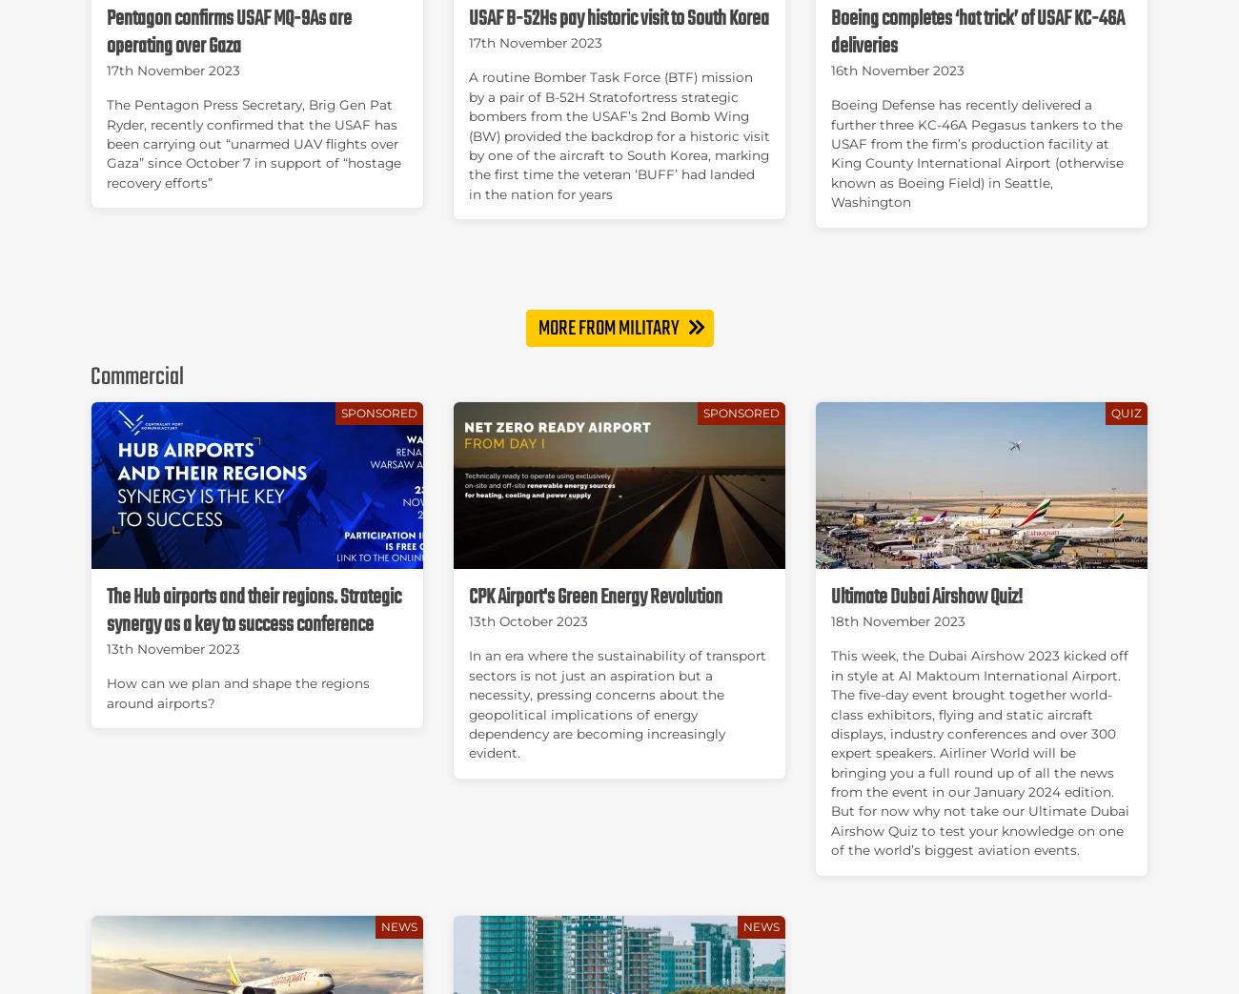  What do you see at coordinates (595, 597) in the screenshot?
I see `'CPK Airport's Green Energy Revolution'` at bounding box center [595, 597].